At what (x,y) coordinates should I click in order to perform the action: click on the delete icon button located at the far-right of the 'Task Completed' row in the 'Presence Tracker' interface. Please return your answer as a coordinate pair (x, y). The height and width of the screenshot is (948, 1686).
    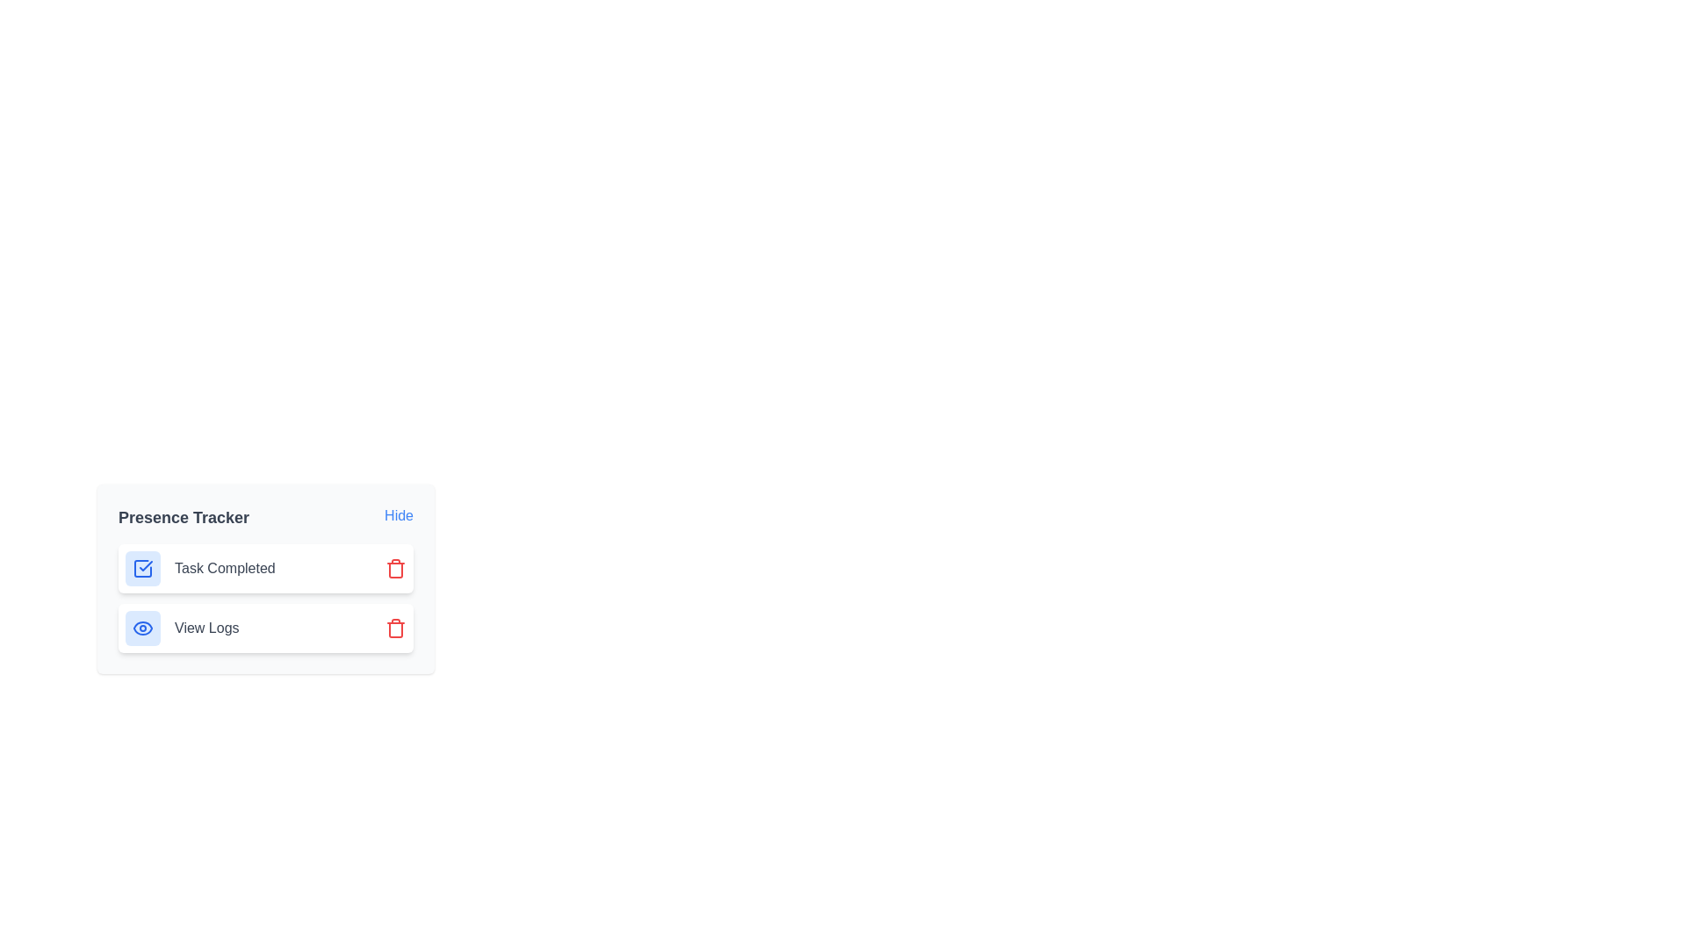
    Looking at the image, I should click on (395, 569).